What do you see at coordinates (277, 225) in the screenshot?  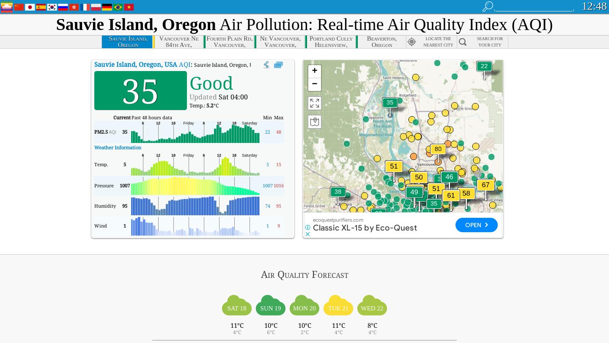 I see `'9'` at bounding box center [277, 225].